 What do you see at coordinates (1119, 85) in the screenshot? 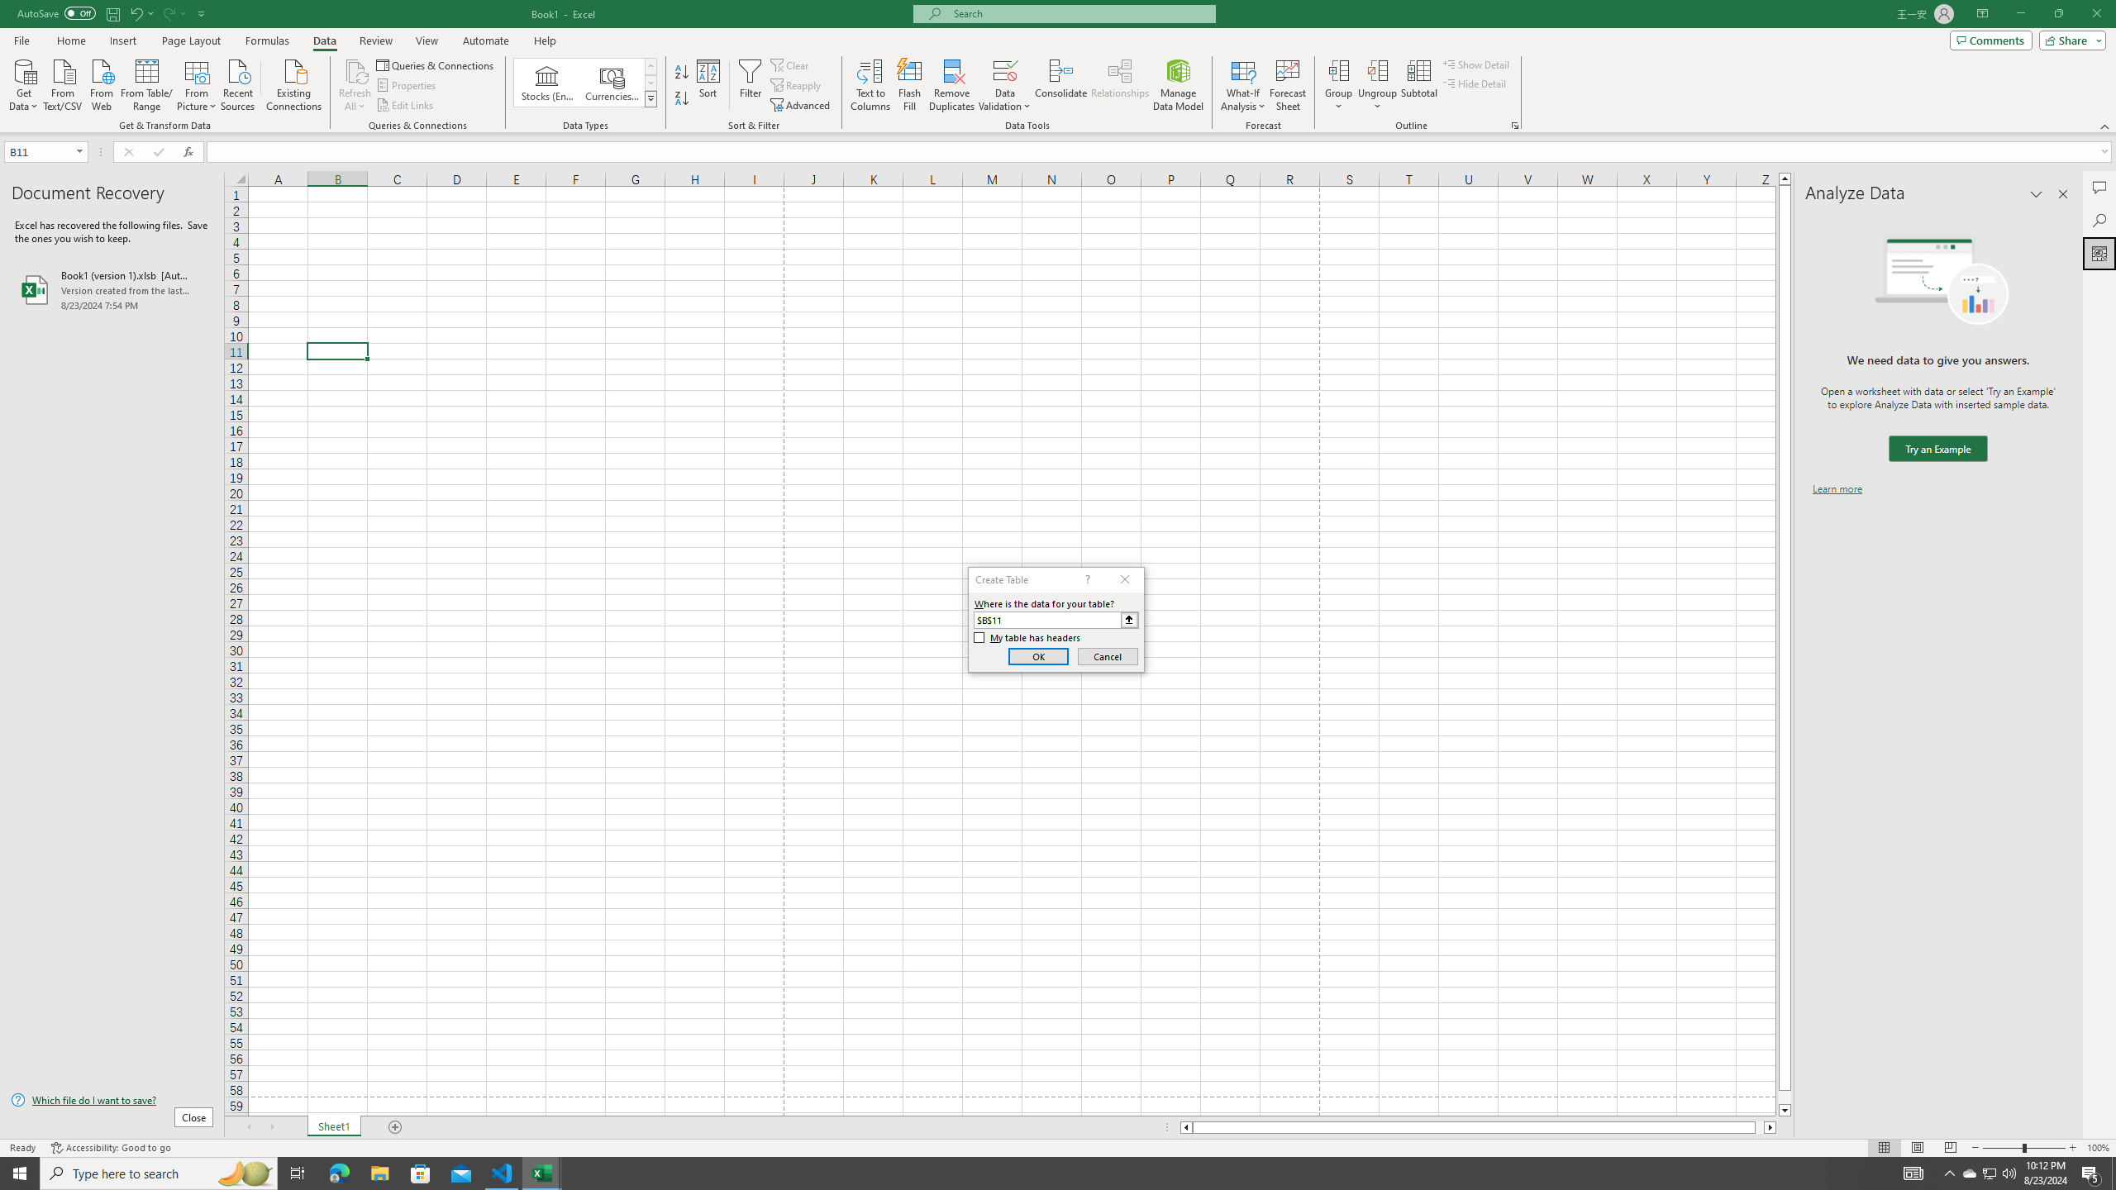
I see `'Relationships'` at bounding box center [1119, 85].